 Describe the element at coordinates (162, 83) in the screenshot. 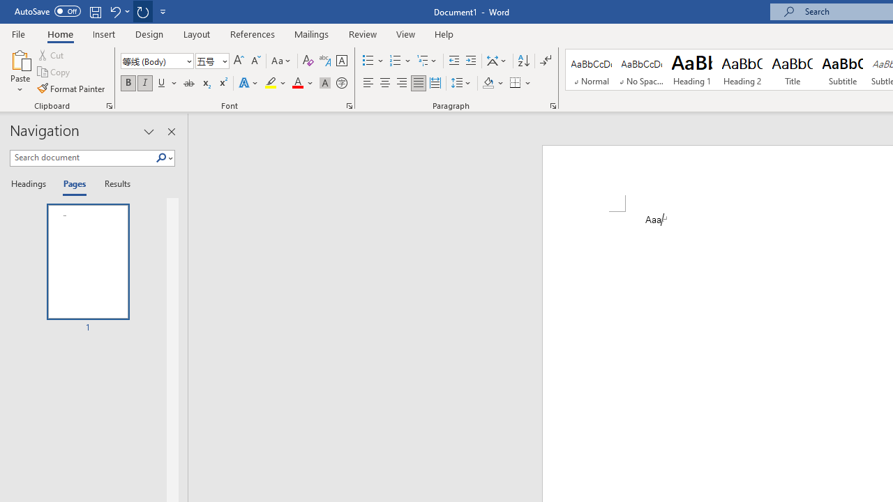

I see `'Underline'` at that location.